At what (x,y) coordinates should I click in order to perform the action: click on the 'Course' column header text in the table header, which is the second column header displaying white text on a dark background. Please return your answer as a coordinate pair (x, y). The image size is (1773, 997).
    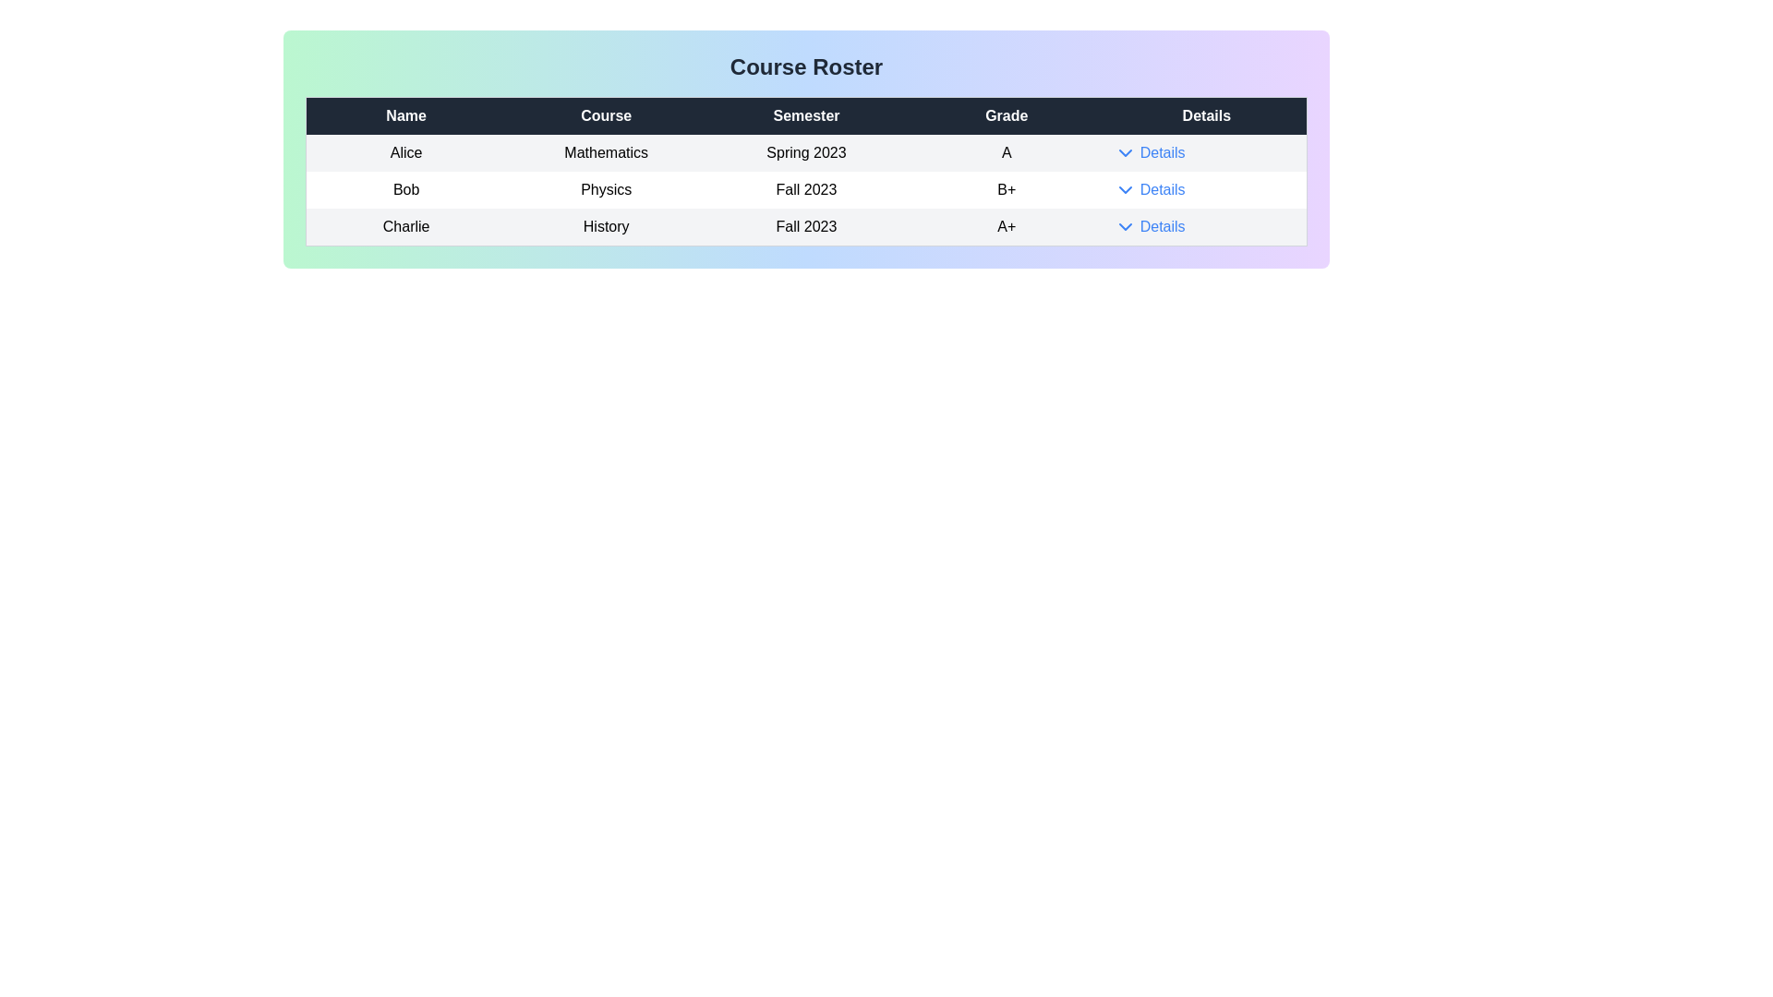
    Looking at the image, I should click on (606, 115).